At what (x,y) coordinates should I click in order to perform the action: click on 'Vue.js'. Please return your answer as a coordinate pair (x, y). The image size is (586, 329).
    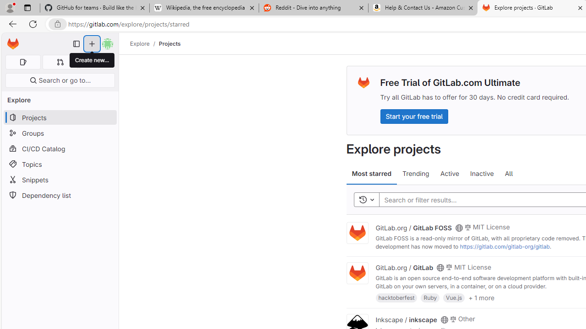
    Looking at the image, I should click on (454, 297).